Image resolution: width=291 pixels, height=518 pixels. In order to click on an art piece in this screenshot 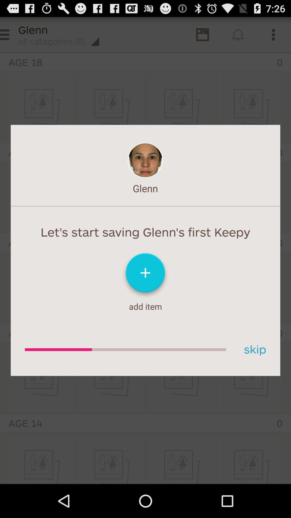, I will do `click(145, 275)`.